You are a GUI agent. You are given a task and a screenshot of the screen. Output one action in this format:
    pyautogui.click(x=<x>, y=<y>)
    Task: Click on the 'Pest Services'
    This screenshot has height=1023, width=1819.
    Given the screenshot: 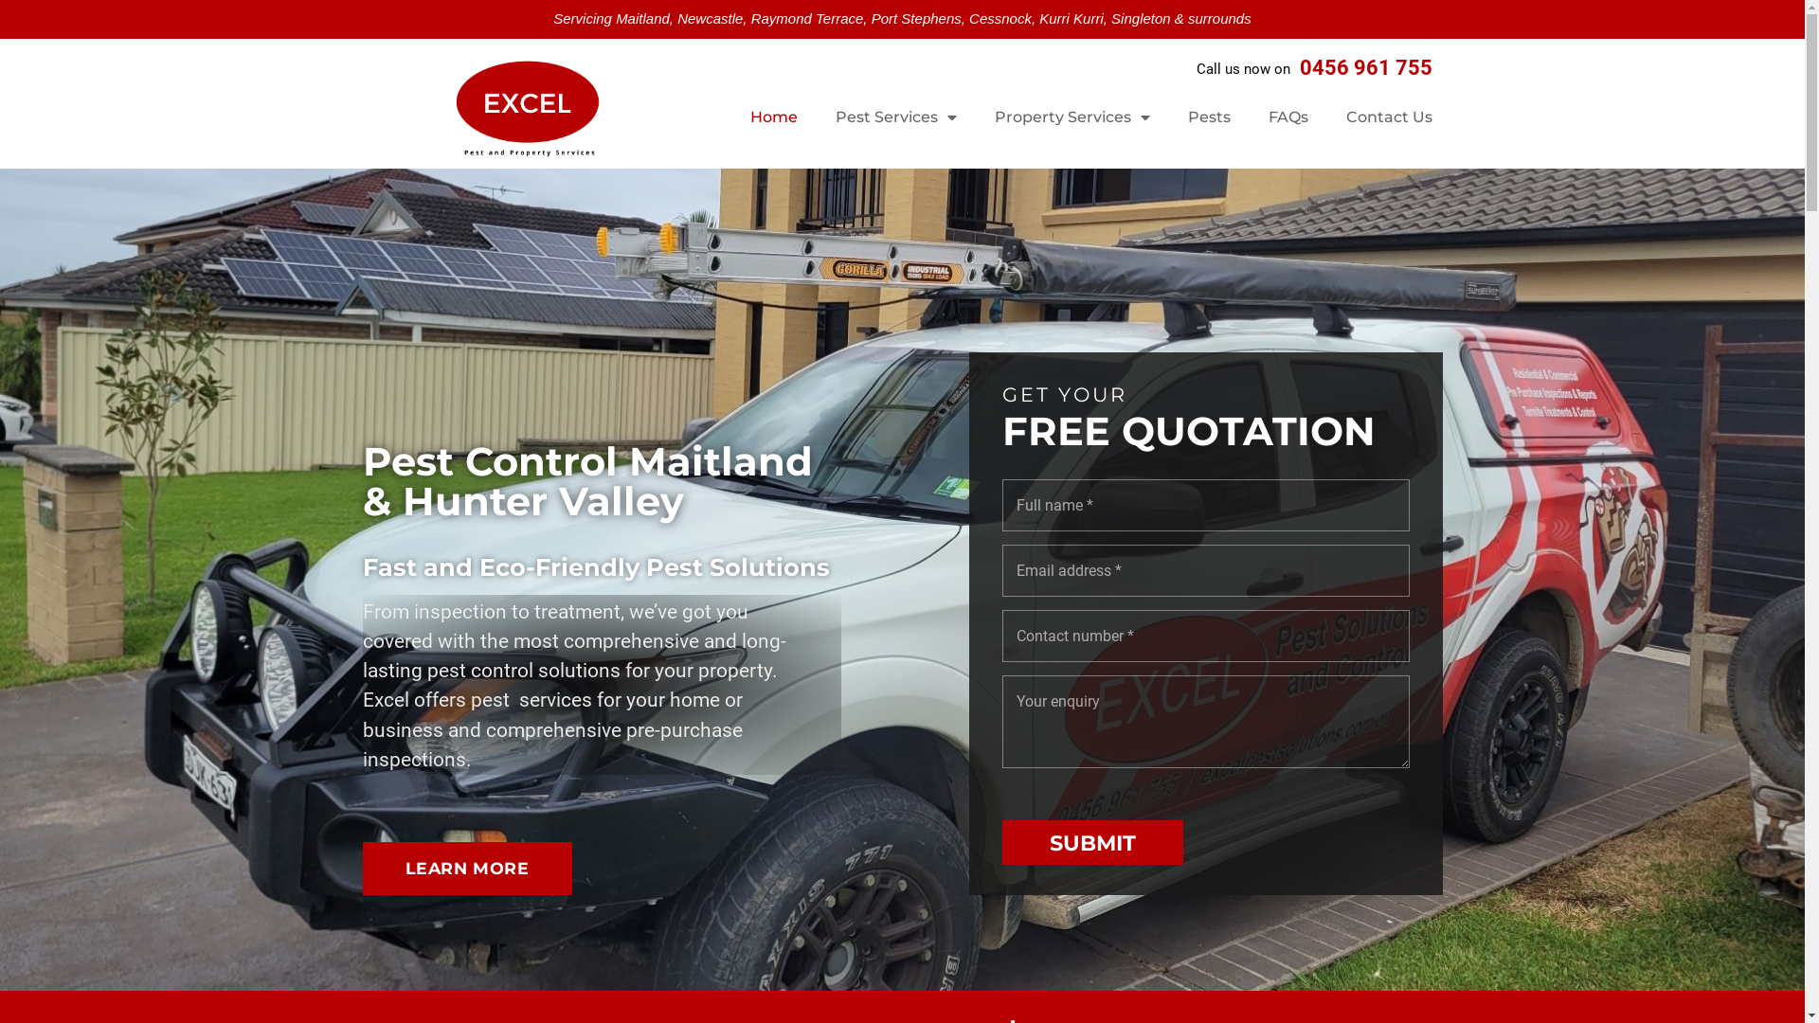 What is the action you would take?
    pyautogui.click(x=894, y=117)
    